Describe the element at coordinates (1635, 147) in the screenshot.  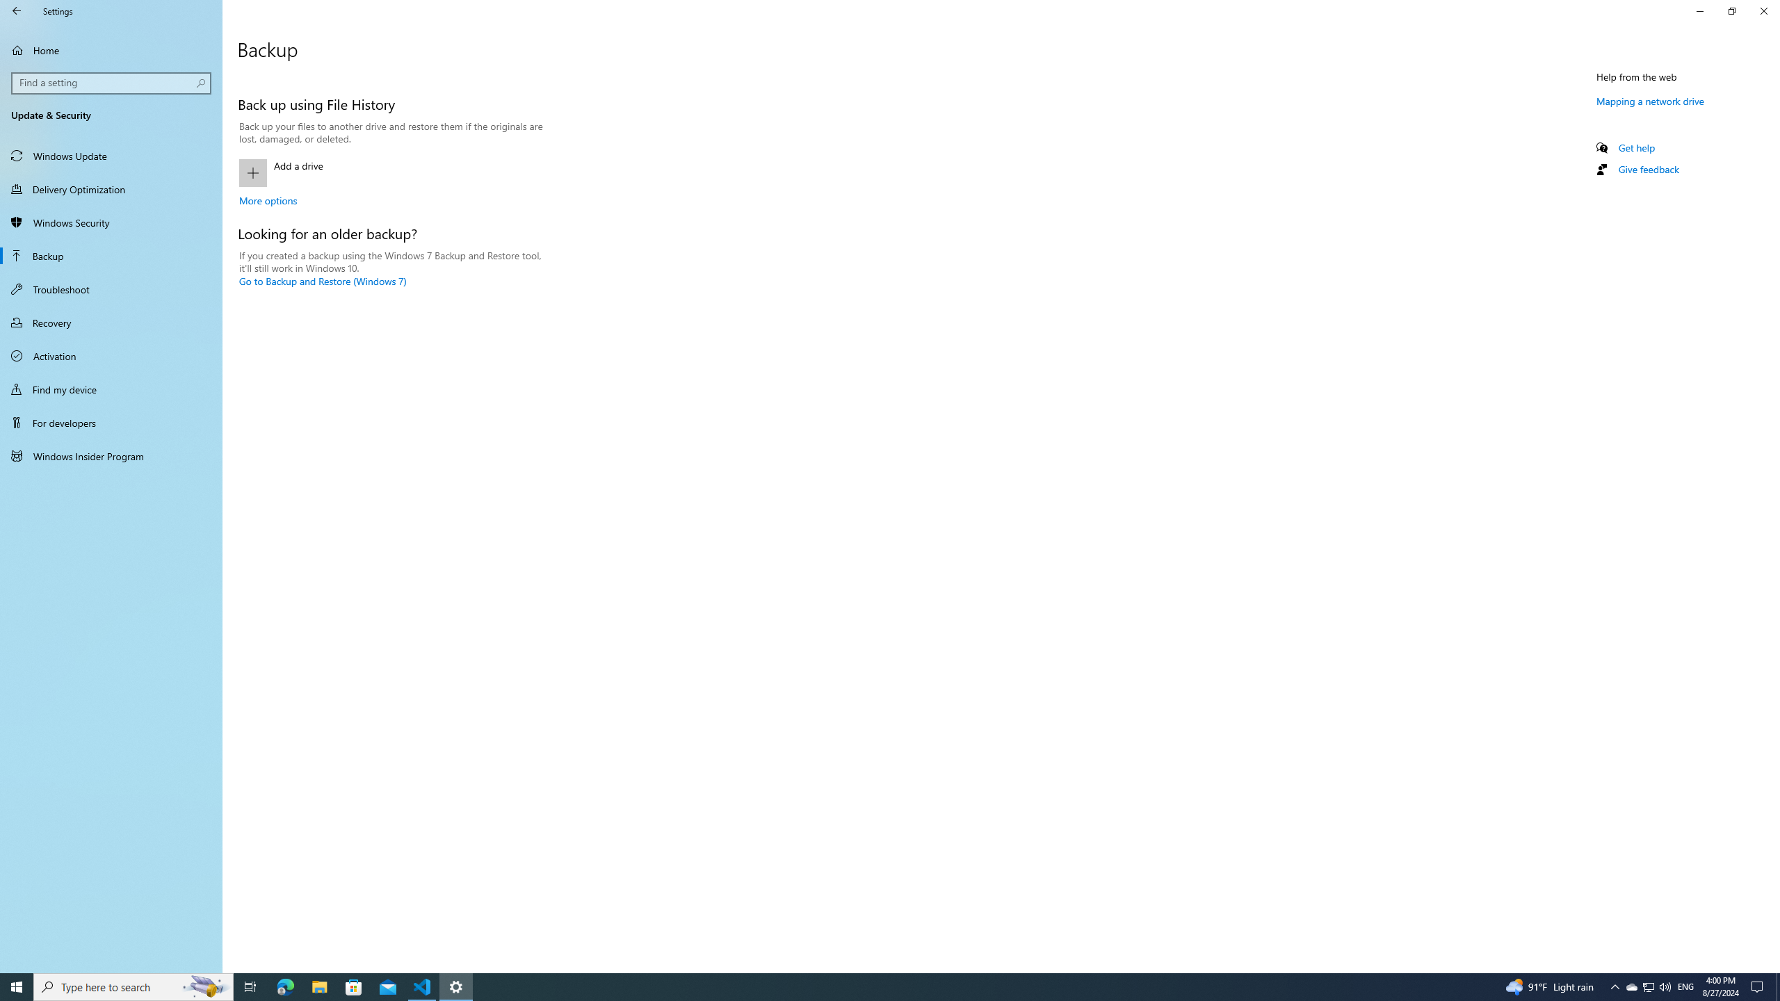
I see `'Get help'` at that location.